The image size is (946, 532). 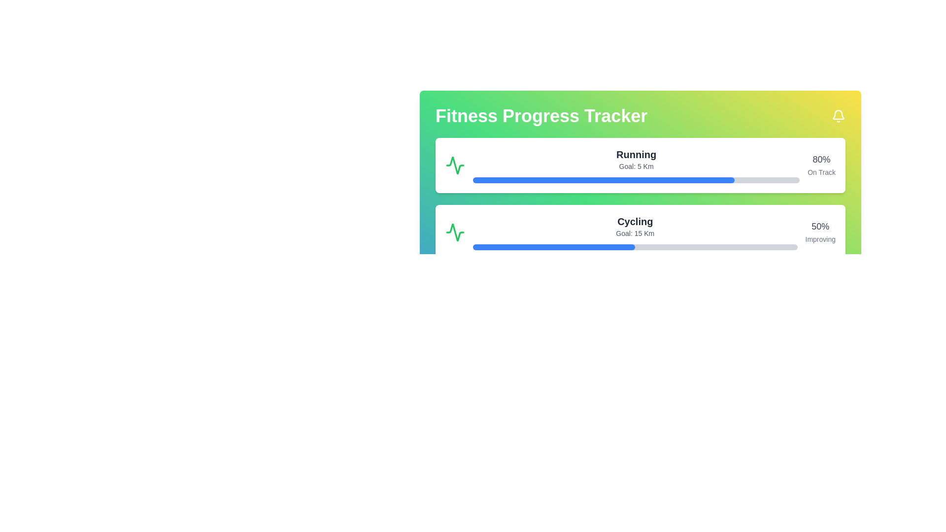 I want to click on the filled part of the progress bar indicating 50% progress for the 'Cycling' goal, so click(x=554, y=246).